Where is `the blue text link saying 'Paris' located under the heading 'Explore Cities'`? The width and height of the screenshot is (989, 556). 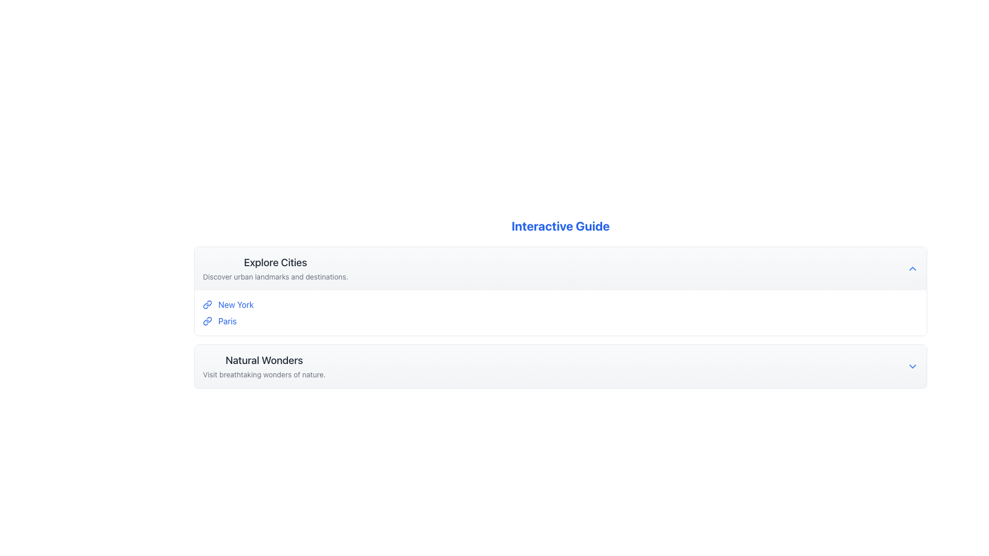
the blue text link saying 'Paris' located under the heading 'Explore Cities' is located at coordinates (227, 321).